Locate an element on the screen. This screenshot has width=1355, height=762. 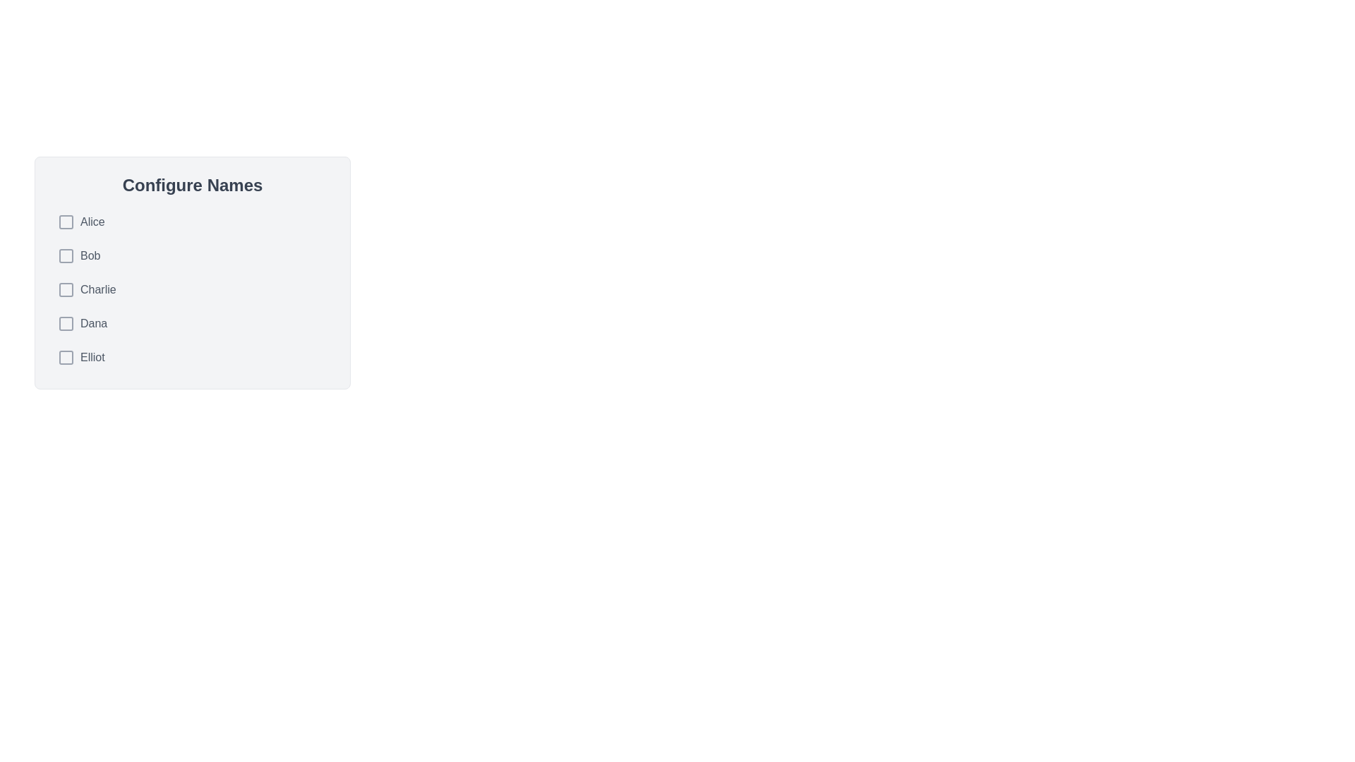
the text element 'Charlie' which is styled in medium-weight font and accompanied by an unchecked checkbox, located in the third position of a vertical list of names is located at coordinates (86, 289).